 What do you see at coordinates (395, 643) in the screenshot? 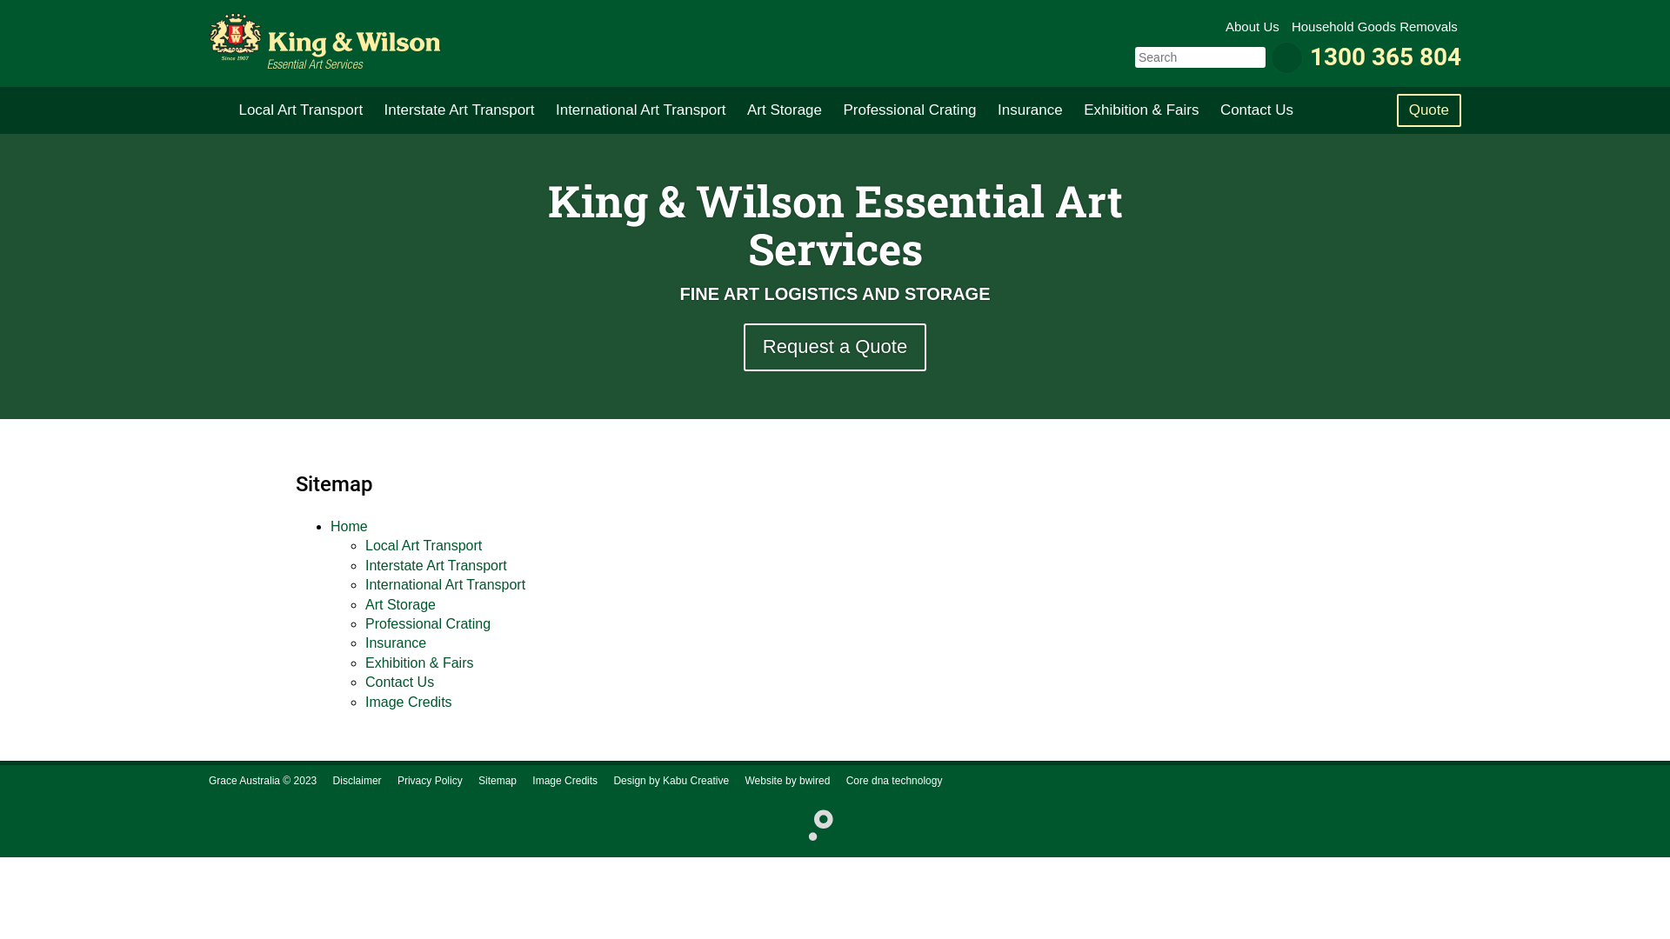
I see `'Insurance'` at bounding box center [395, 643].